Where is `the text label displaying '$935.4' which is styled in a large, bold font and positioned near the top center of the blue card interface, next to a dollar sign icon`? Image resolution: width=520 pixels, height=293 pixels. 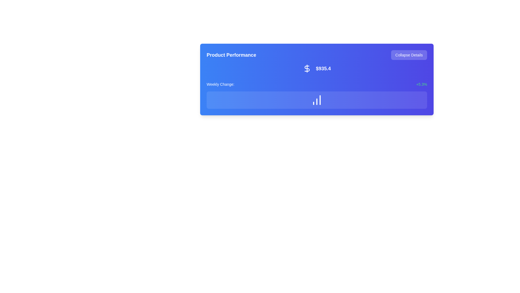 the text label displaying '$935.4' which is styled in a large, bold font and positioned near the top center of the blue card interface, next to a dollar sign icon is located at coordinates (323, 68).